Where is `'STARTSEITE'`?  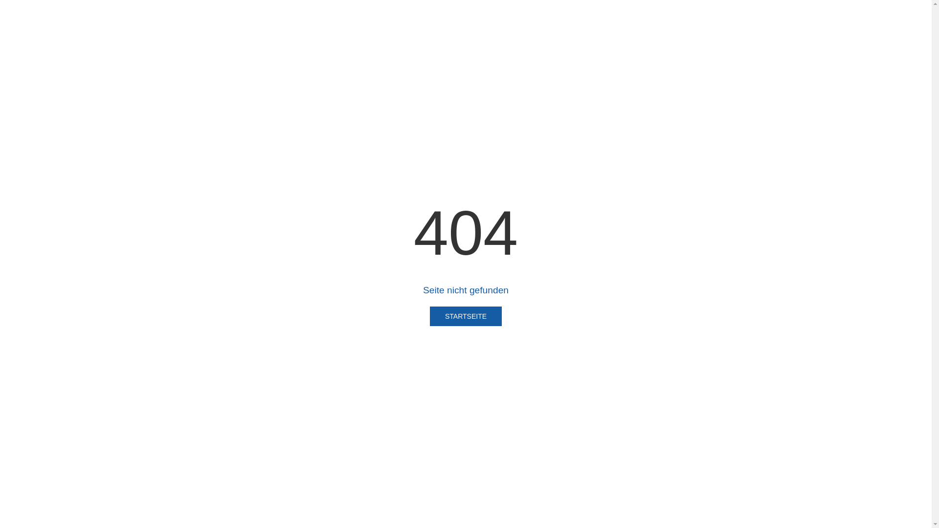 'STARTSEITE' is located at coordinates (465, 316).